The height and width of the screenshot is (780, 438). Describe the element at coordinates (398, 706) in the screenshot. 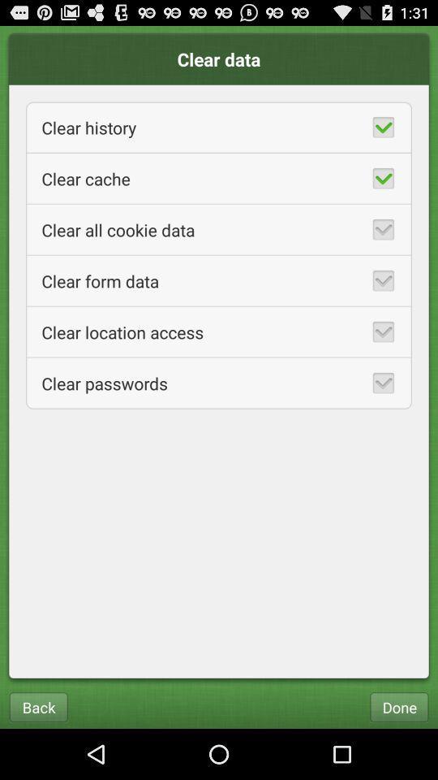

I see `done` at that location.